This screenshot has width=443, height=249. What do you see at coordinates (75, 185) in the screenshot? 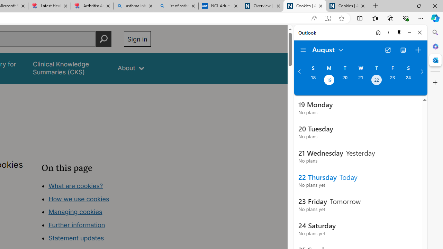
I see `'What are cookies?'` at bounding box center [75, 185].